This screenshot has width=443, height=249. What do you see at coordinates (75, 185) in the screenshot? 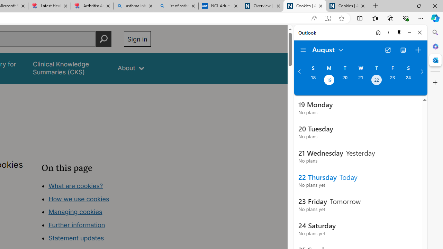
I see `'What are cookies?'` at bounding box center [75, 185].